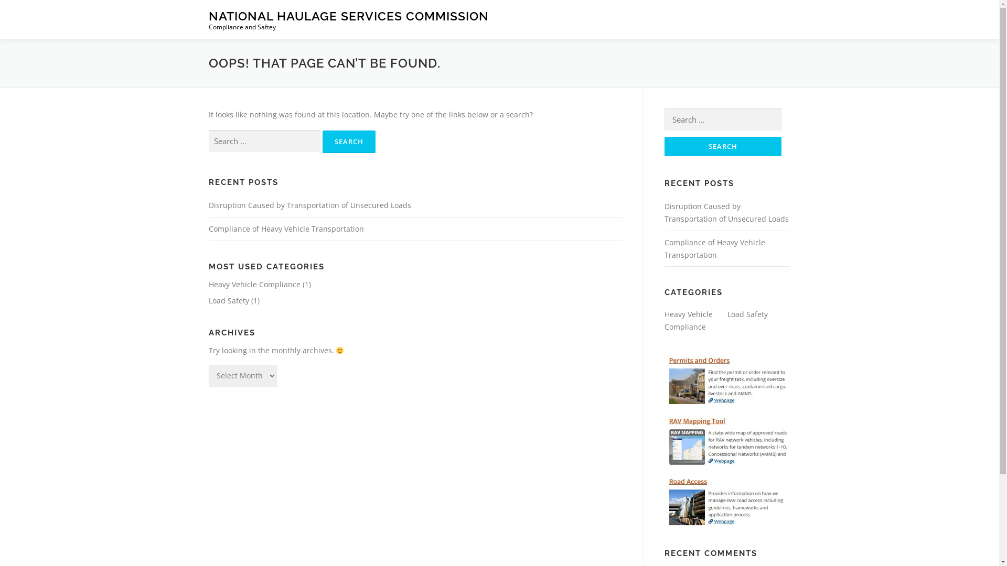  I want to click on 'Search', so click(722, 146).